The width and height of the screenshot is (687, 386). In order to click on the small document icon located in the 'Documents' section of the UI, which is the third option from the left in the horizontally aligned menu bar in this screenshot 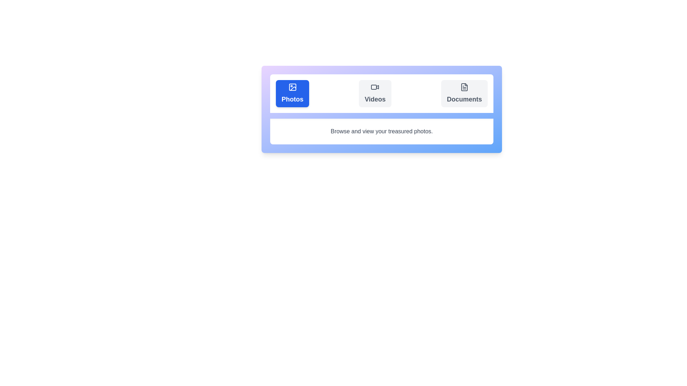, I will do `click(464, 86)`.